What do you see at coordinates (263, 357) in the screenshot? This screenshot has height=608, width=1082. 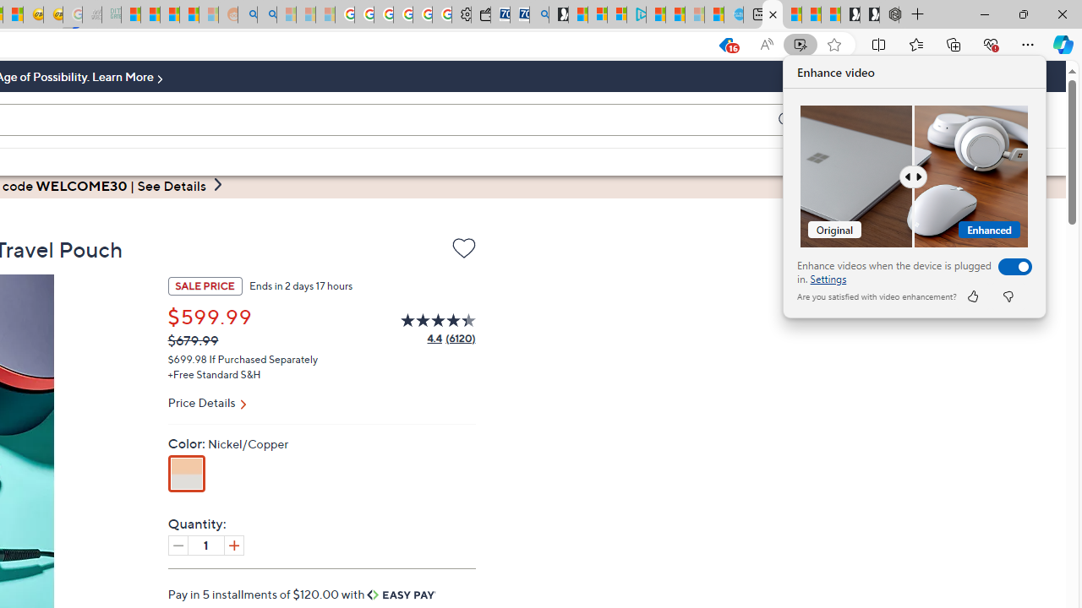 I see `'If Purchased Separately'` at bounding box center [263, 357].